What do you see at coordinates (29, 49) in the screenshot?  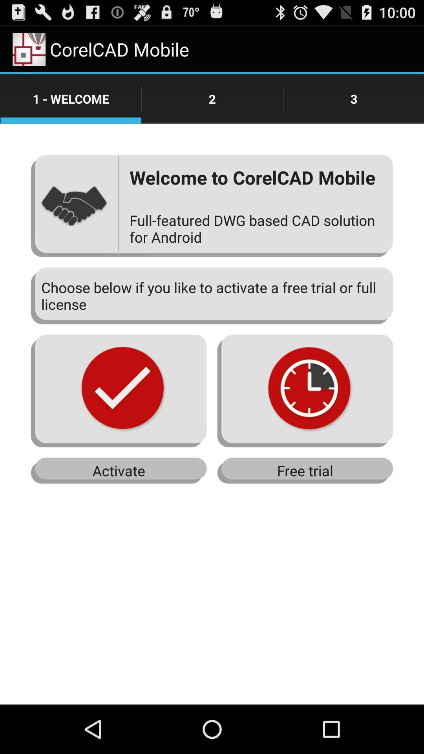 I see `icon on the left side of corelcad mobile` at bounding box center [29, 49].